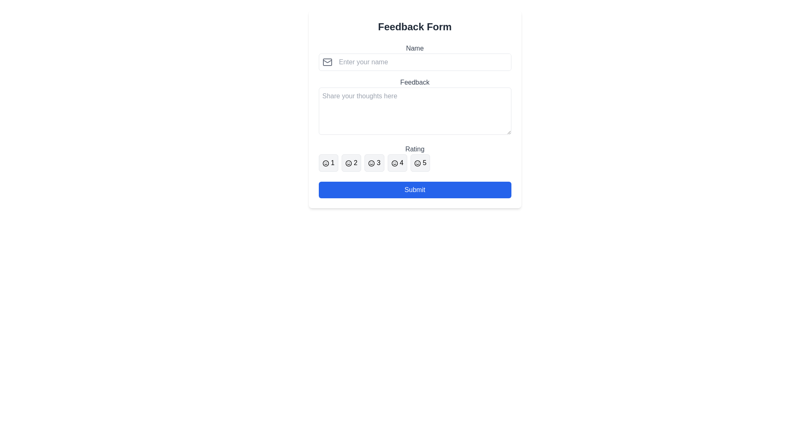 This screenshot has height=448, width=797. I want to click on the fourth rating option in the rating system, so click(394, 163).